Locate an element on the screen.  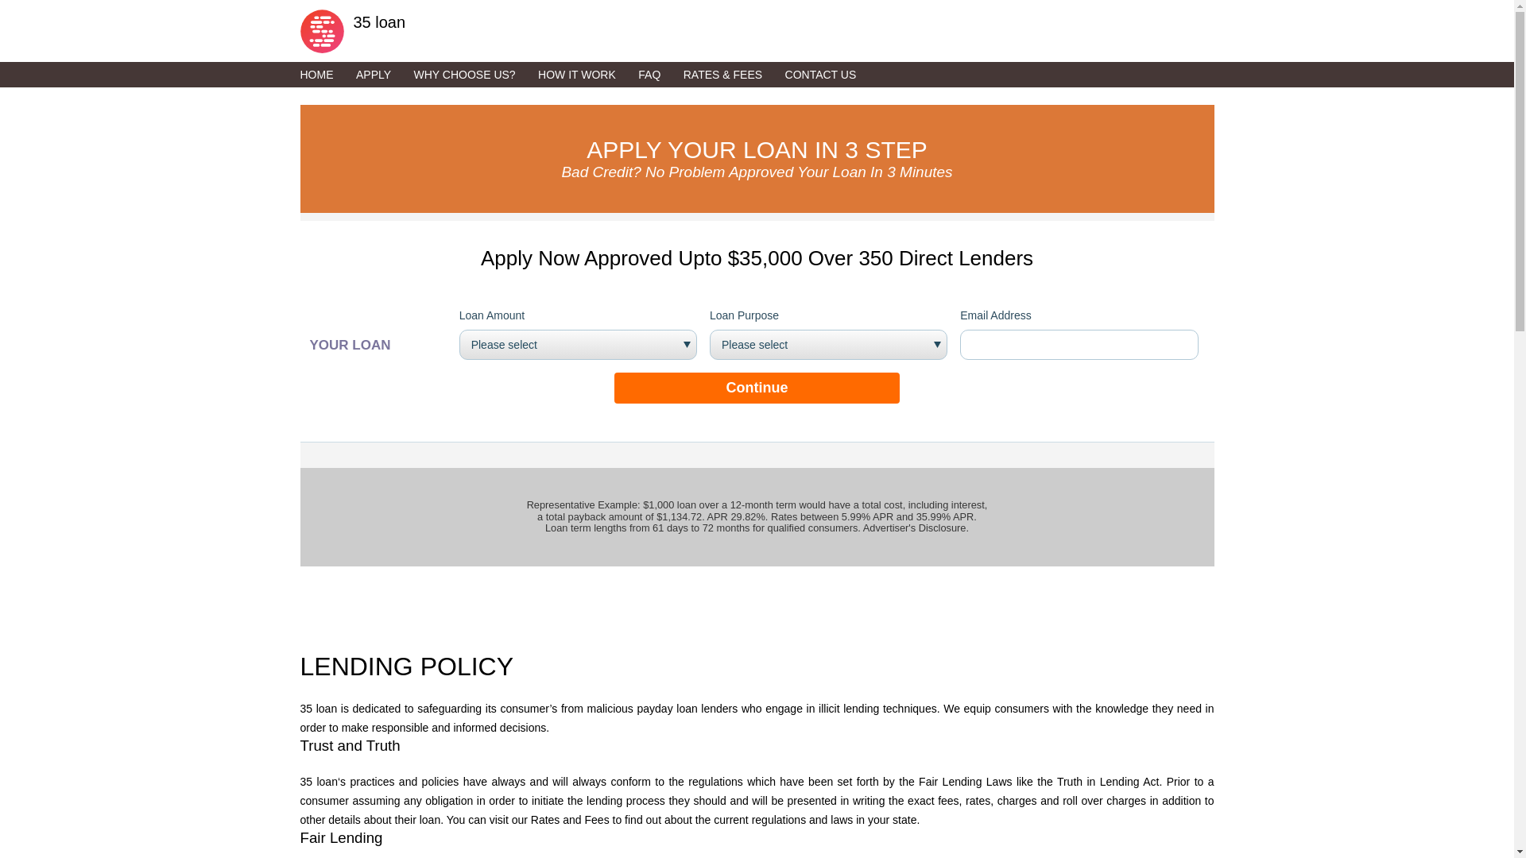
'Continue' is located at coordinates (756, 388).